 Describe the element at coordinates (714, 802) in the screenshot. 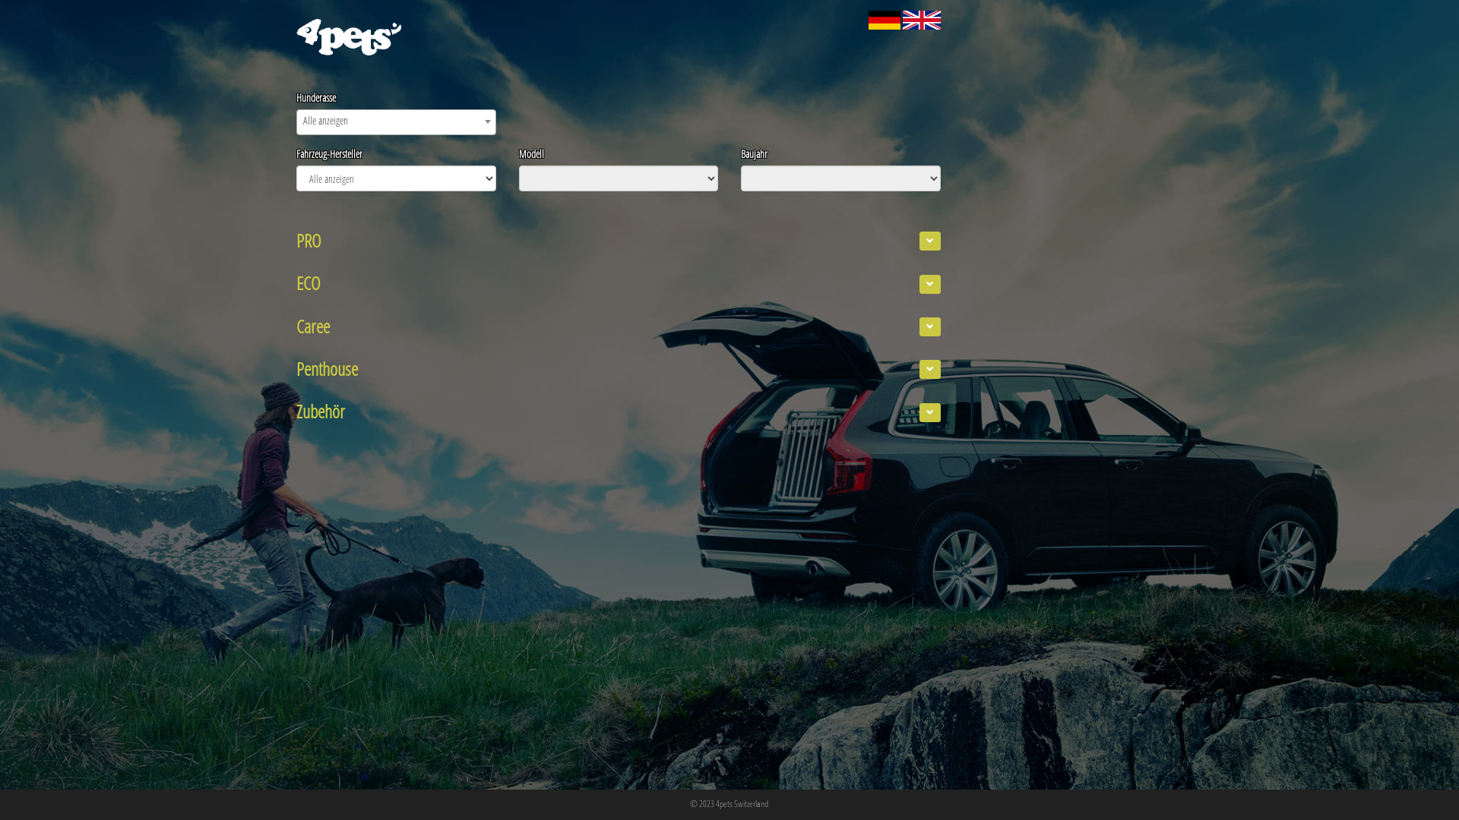

I see `'4pets Switzerland'` at that location.